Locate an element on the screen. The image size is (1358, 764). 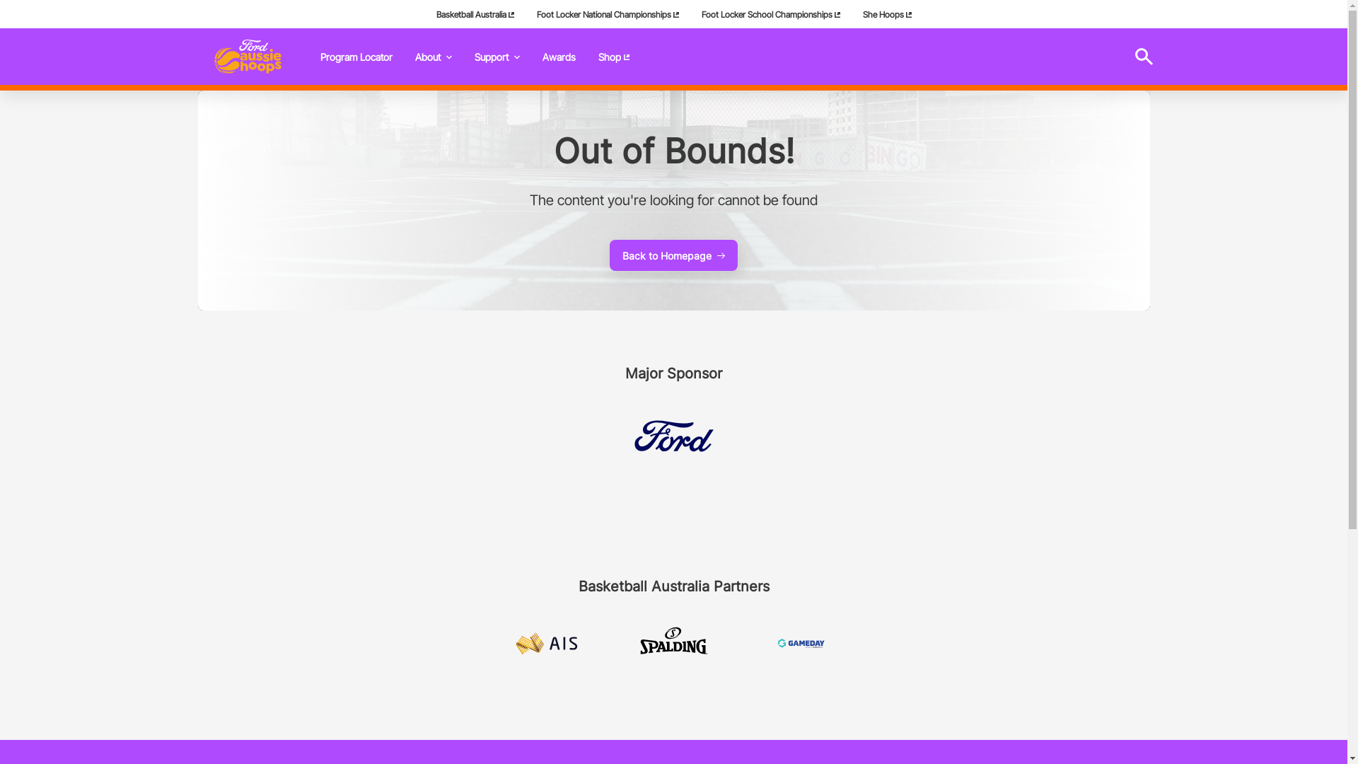
'Partner Ford' is located at coordinates (672, 435).